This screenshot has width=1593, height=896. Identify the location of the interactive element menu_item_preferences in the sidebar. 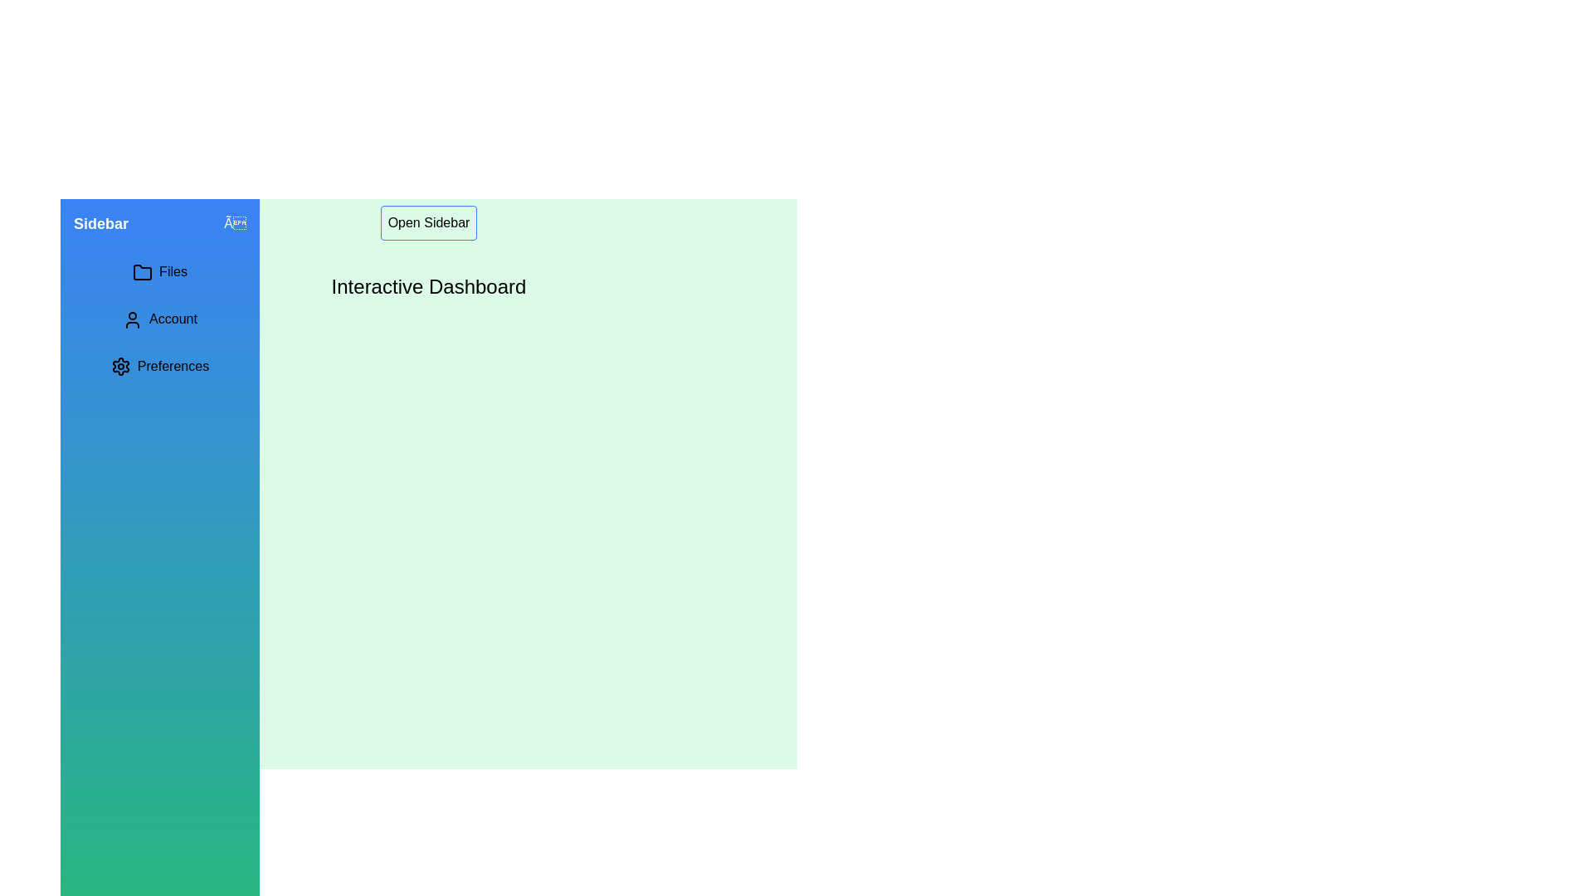
(159, 365).